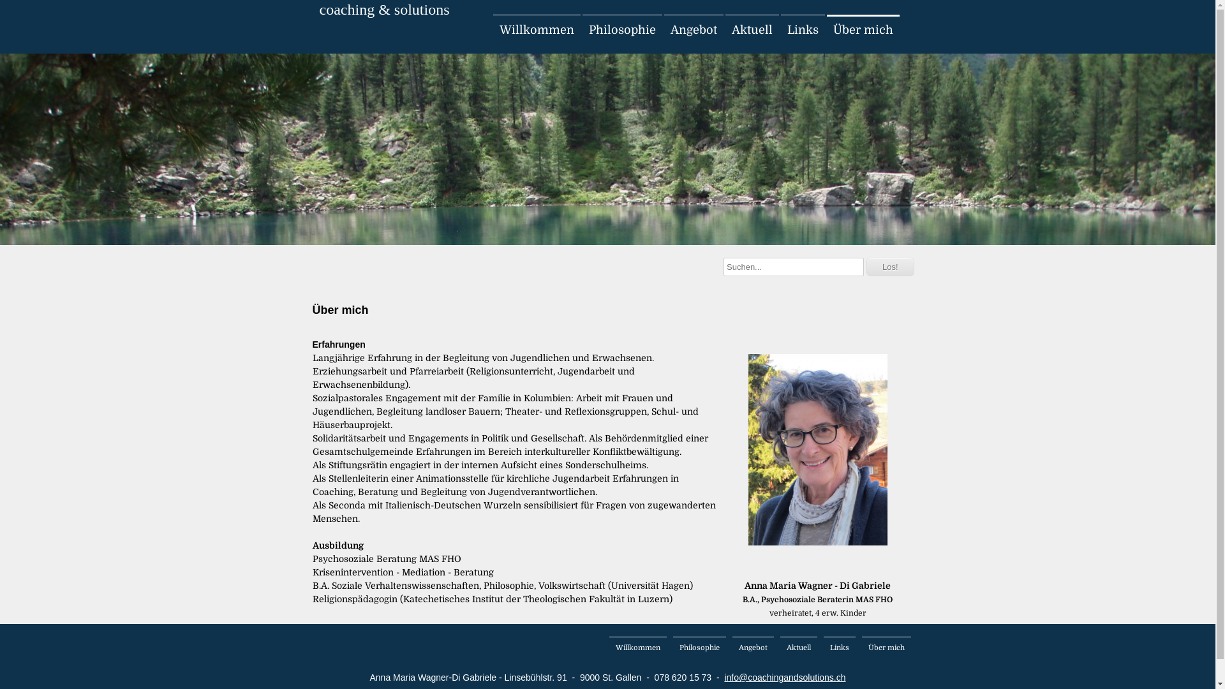 The height and width of the screenshot is (689, 1225). Describe the element at coordinates (692, 29) in the screenshot. I see `'Angebot'` at that location.